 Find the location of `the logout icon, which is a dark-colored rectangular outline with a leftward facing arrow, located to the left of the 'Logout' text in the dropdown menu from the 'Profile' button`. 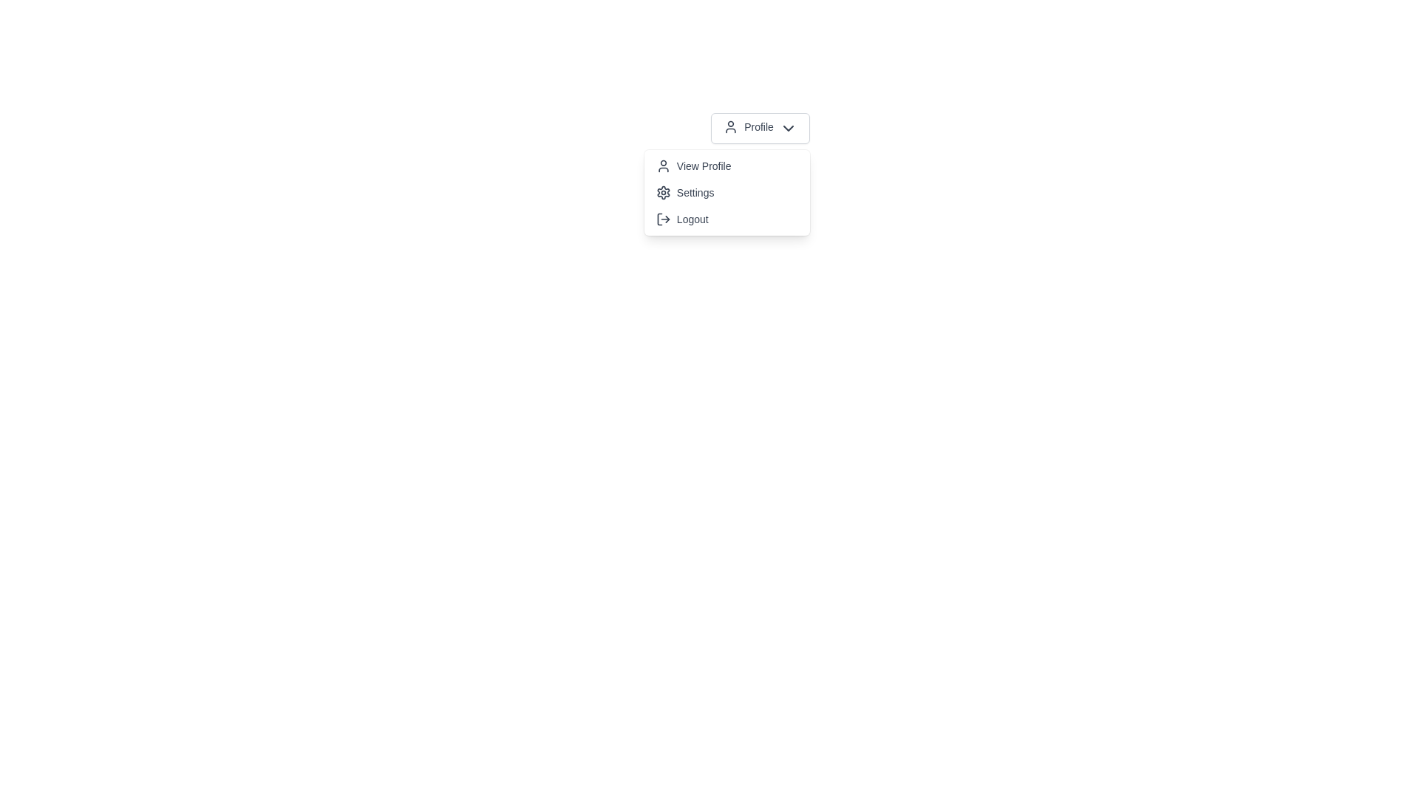

the logout icon, which is a dark-colored rectangular outline with a leftward facing arrow, located to the left of the 'Logout' text in the dropdown menu from the 'Profile' button is located at coordinates (662, 219).